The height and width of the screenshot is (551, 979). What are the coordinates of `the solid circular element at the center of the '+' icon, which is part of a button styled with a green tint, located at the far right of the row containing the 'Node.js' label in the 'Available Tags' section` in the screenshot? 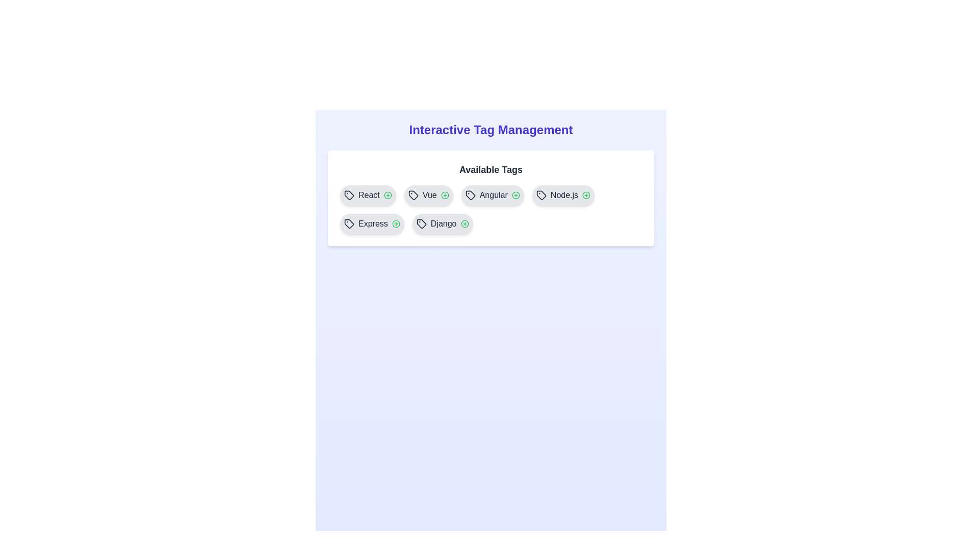 It's located at (586, 195).